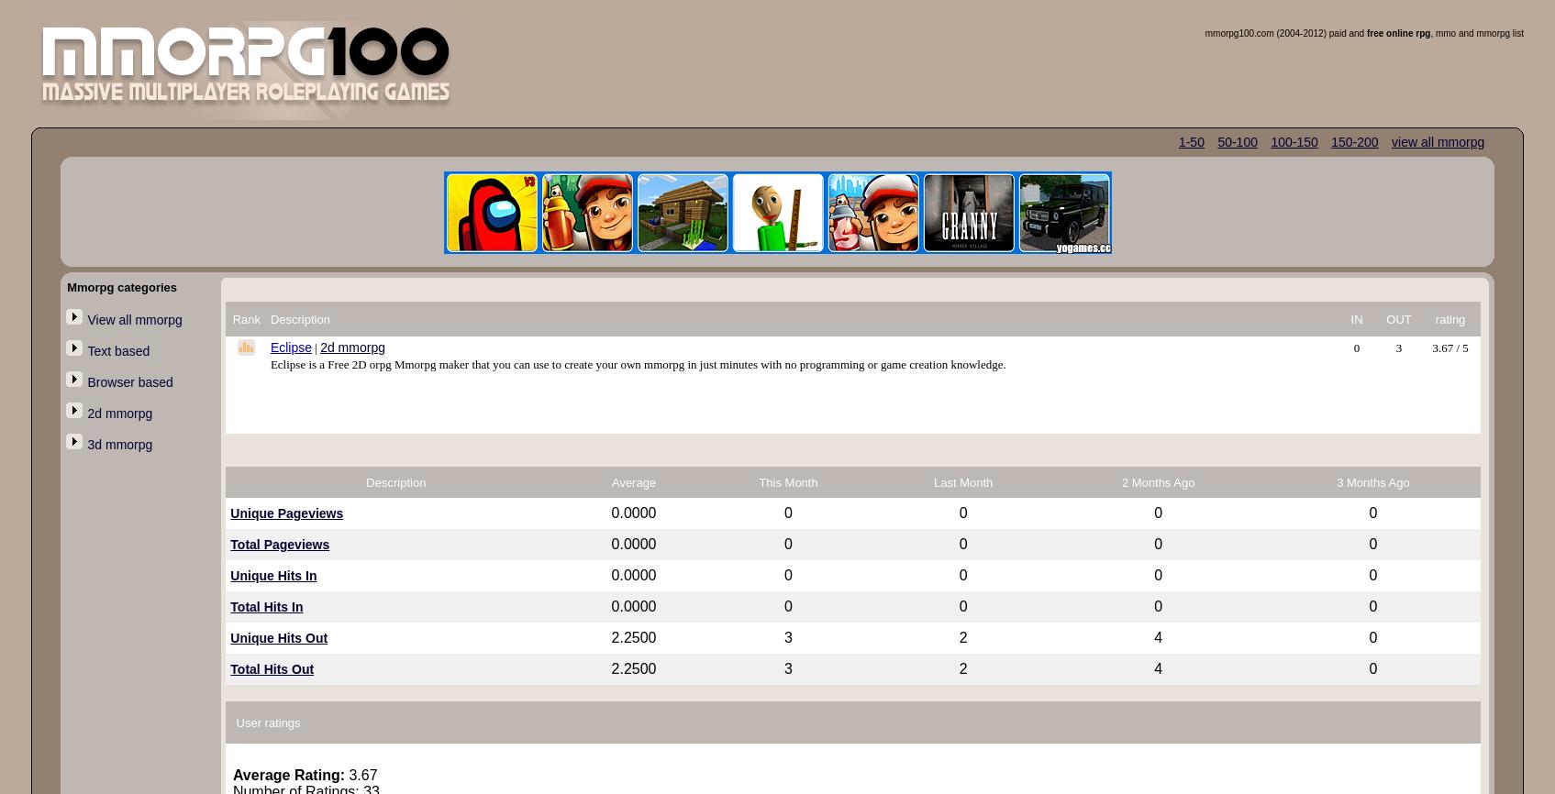 This screenshot has width=1555, height=794. Describe the element at coordinates (1354, 142) in the screenshot. I see `'150-200'` at that location.